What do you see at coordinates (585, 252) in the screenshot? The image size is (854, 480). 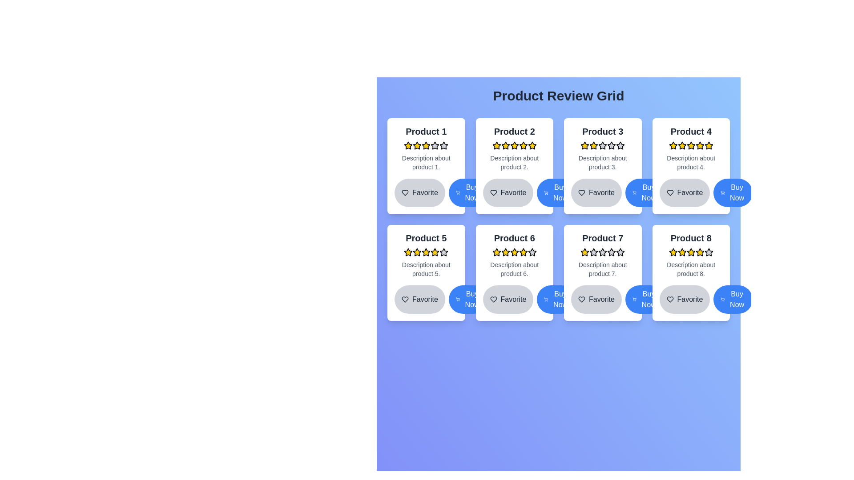 I see `the first star of the rating system for 'Product 7' to confirm a one-star rating` at bounding box center [585, 252].